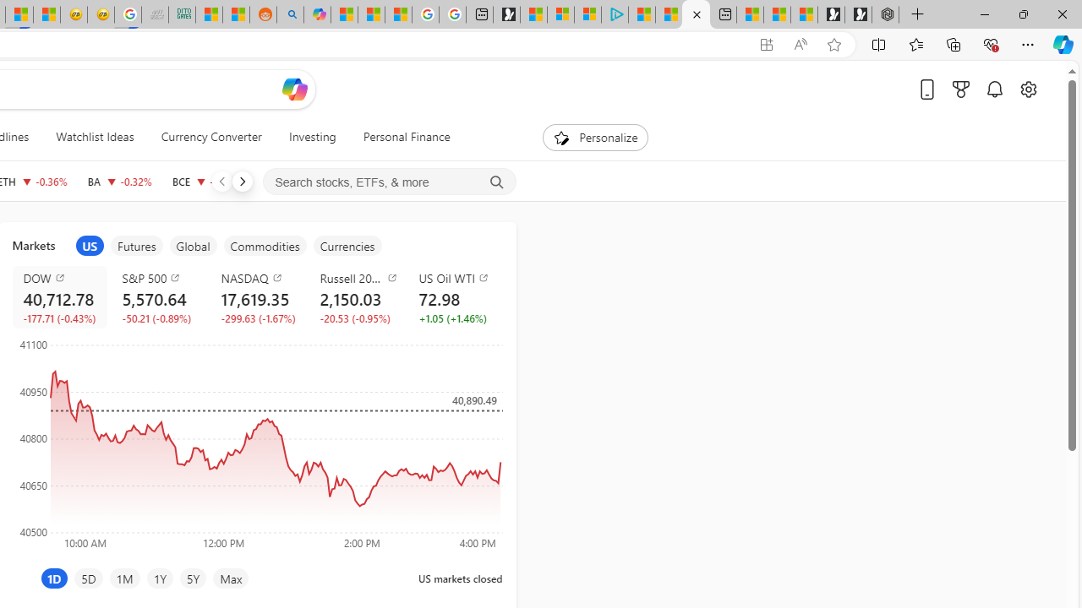  What do you see at coordinates (159, 578) in the screenshot?
I see `'1Y'` at bounding box center [159, 578].